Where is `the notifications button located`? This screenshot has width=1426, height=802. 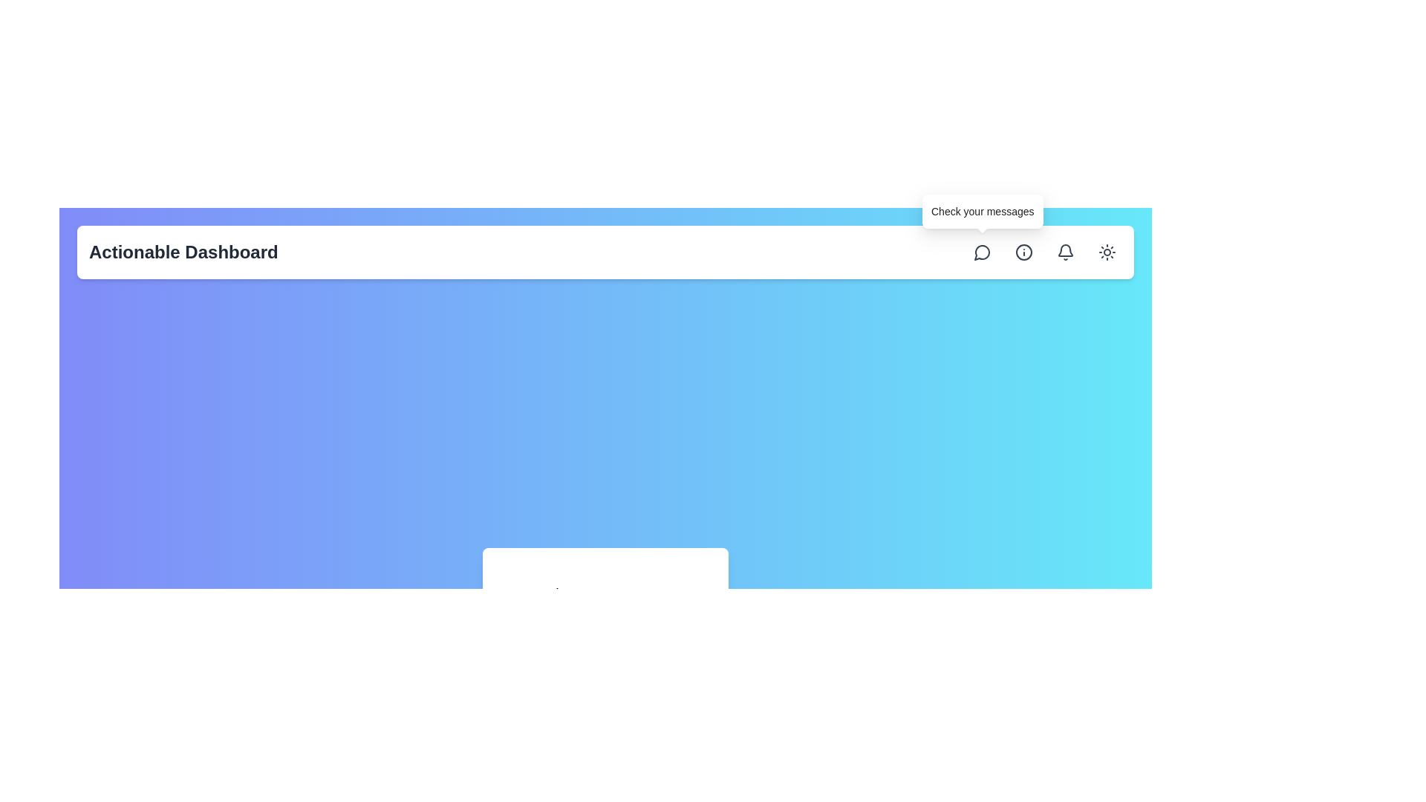 the notifications button located is located at coordinates (1065, 251).